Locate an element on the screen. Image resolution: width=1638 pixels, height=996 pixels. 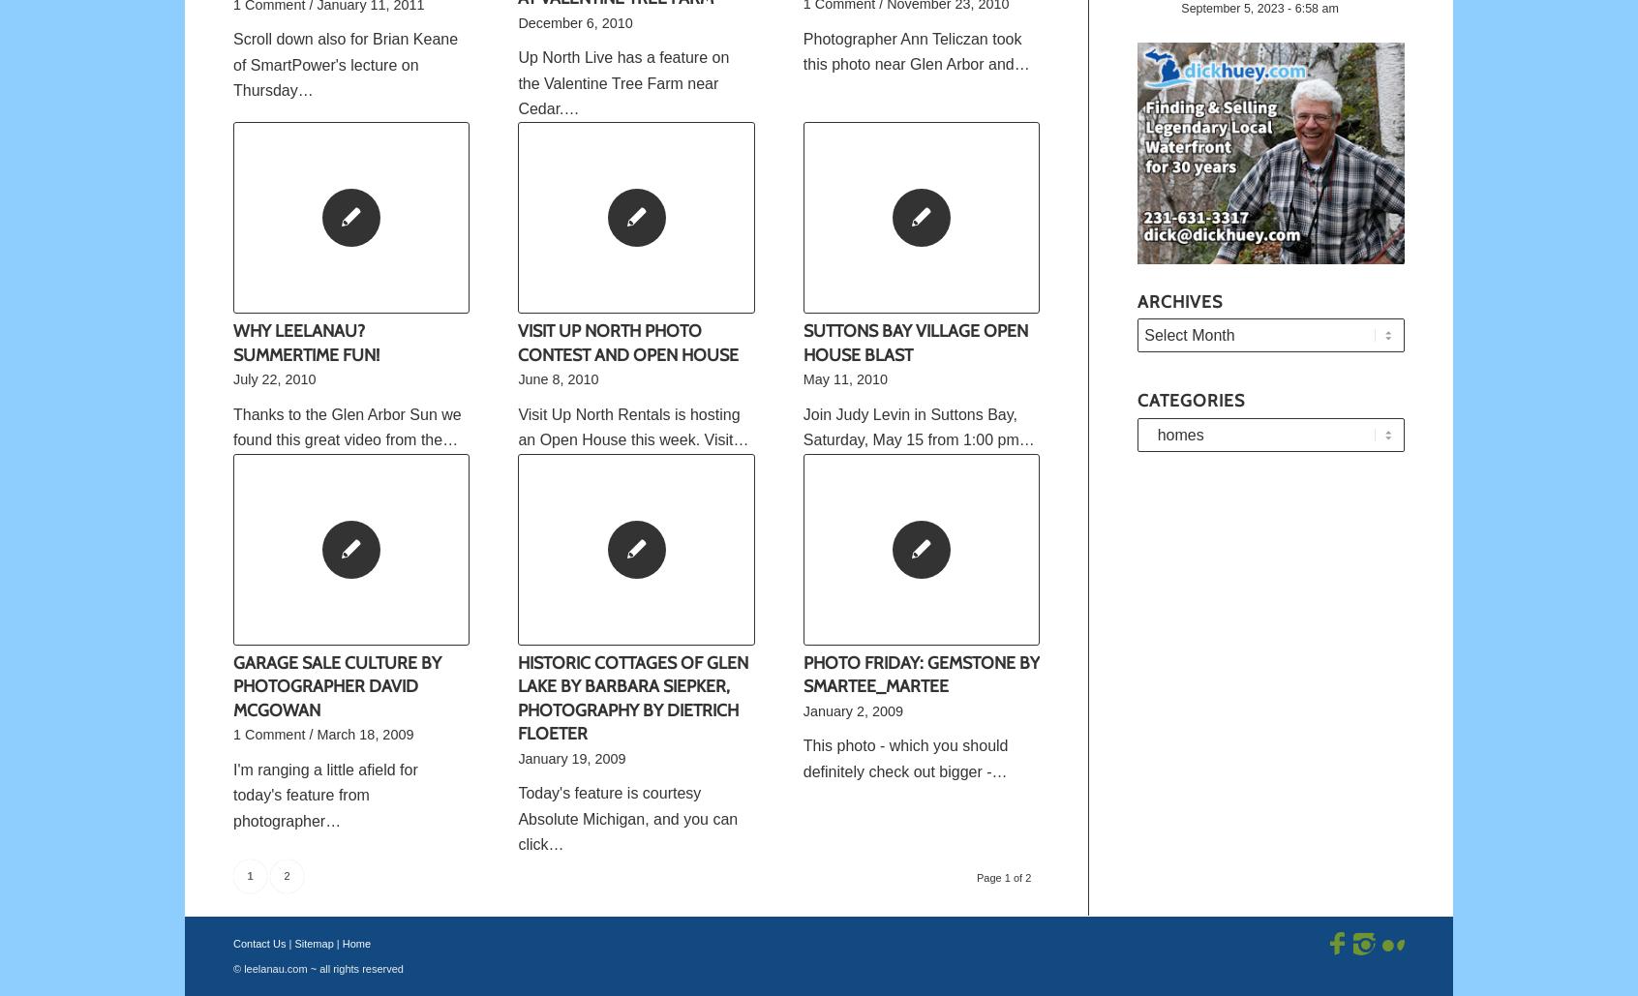
'Join Judy Levin in Suttons Bay, Saturday, May 15 from 1:00 pm…' is located at coordinates (918, 427).